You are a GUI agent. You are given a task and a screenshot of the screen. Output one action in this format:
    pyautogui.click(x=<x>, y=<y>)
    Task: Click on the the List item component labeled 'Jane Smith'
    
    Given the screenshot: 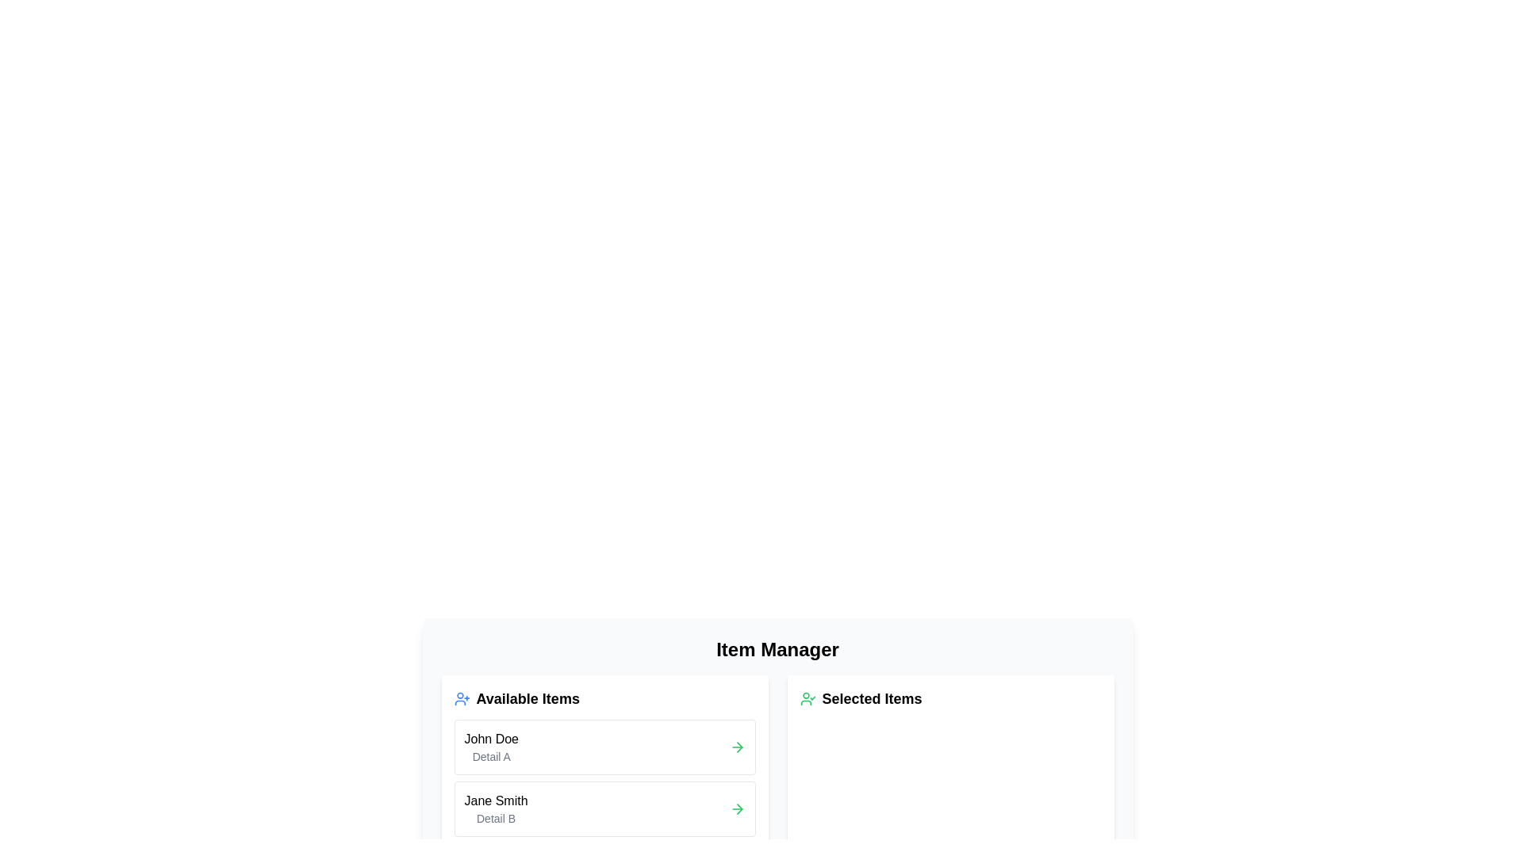 What is the action you would take?
    pyautogui.click(x=604, y=809)
    